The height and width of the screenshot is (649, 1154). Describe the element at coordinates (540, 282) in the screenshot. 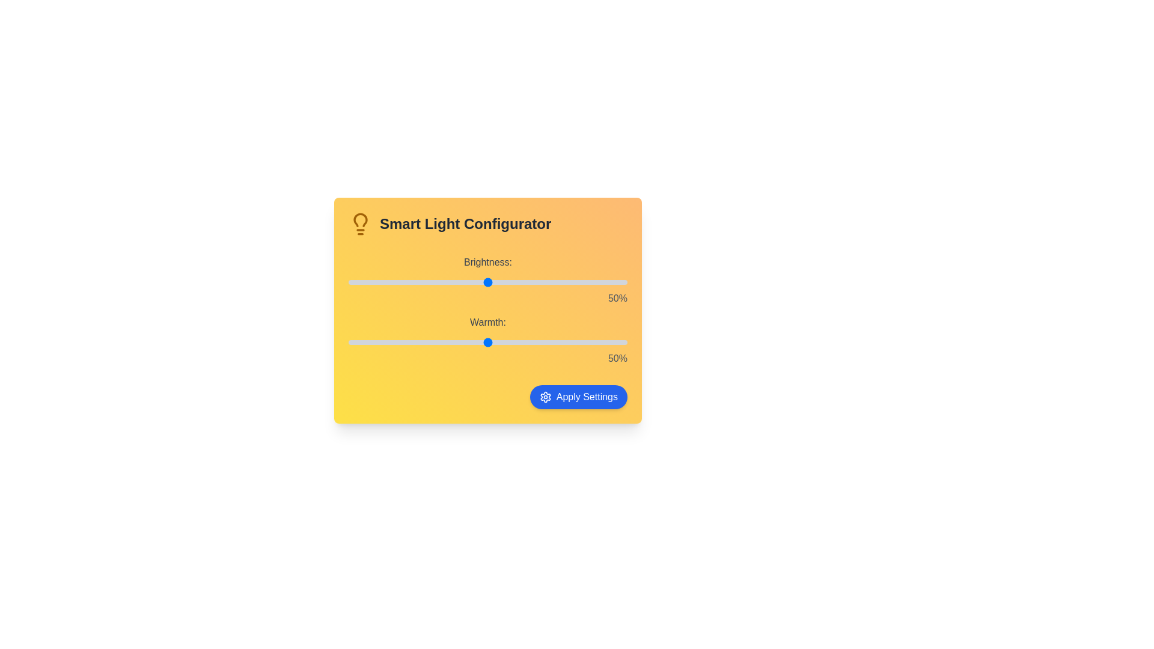

I see `the brightness level` at that location.